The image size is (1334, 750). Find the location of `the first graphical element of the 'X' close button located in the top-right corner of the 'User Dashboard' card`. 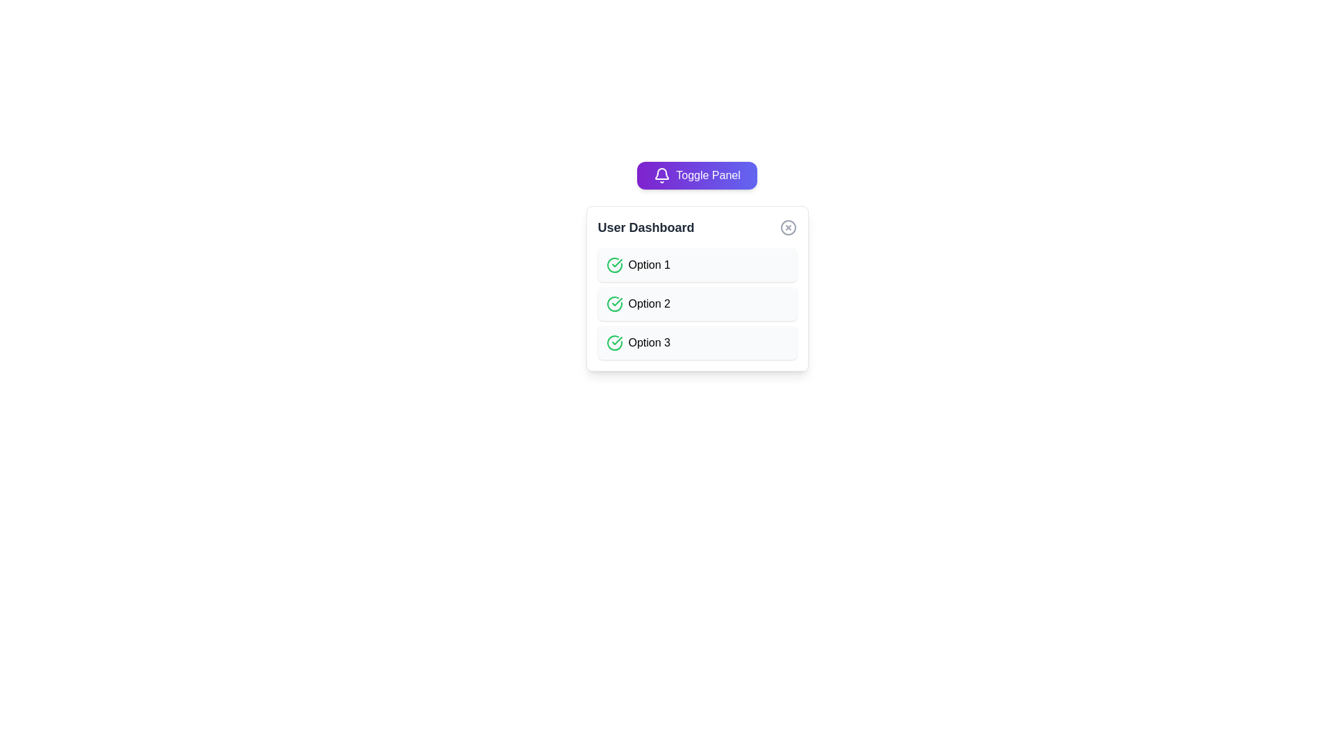

the first graphical element of the 'X' close button located in the top-right corner of the 'User Dashboard' card is located at coordinates (788, 226).